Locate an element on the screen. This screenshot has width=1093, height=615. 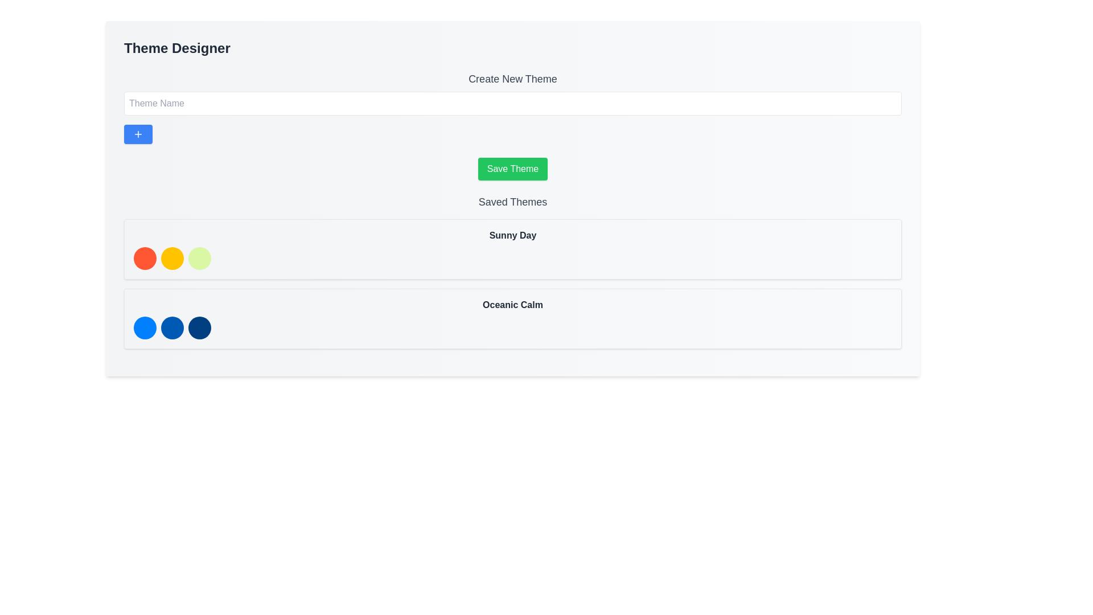
the middle blue circle in the 'Oceanic Calm' section to observe its color representation is located at coordinates (171, 327).